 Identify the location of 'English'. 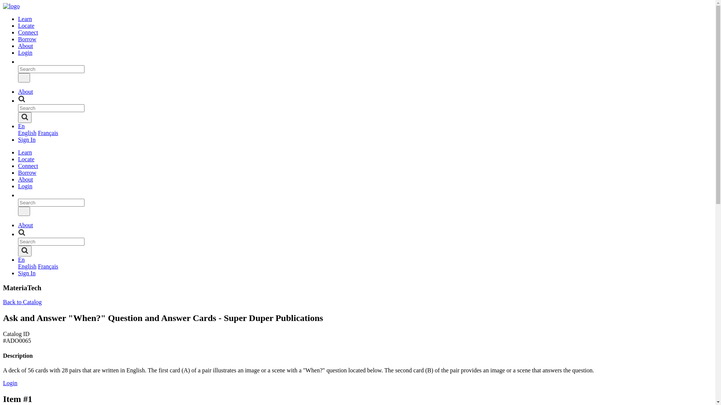
(27, 266).